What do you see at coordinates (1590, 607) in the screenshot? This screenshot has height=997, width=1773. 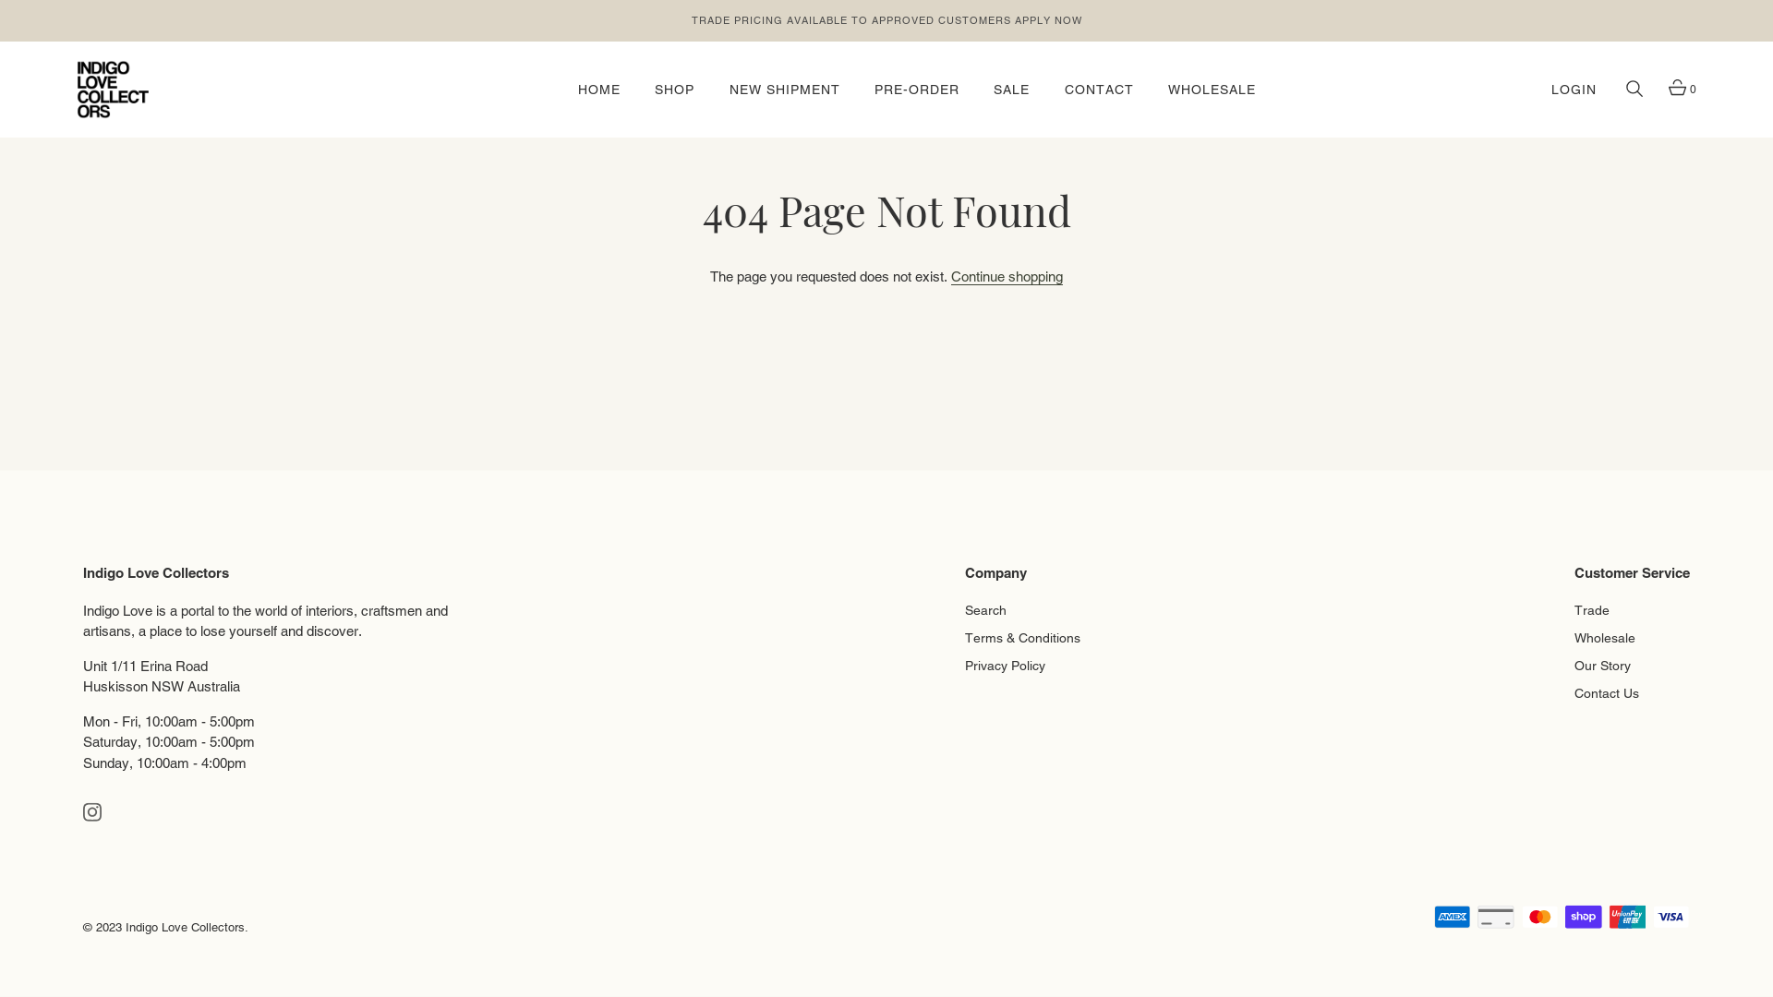 I see `'Trade'` at bounding box center [1590, 607].